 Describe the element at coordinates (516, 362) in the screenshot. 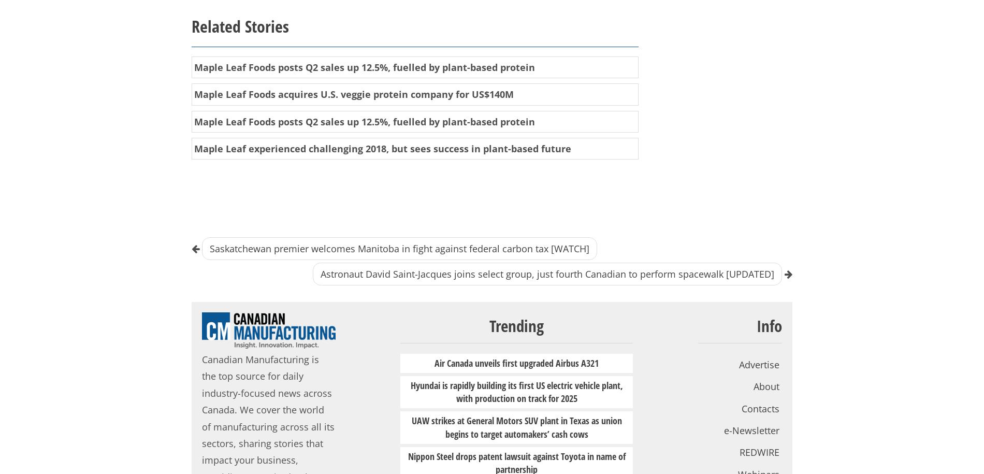

I see `'Air Canada unveils first upgraded Airbus A321'` at that location.